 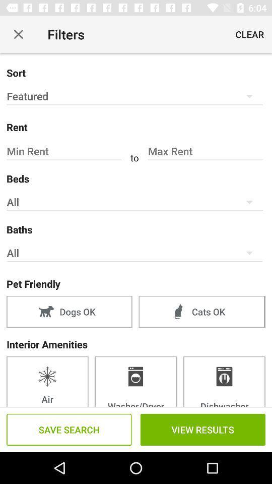 I want to click on the icon next to dishwasher icon, so click(x=135, y=381).